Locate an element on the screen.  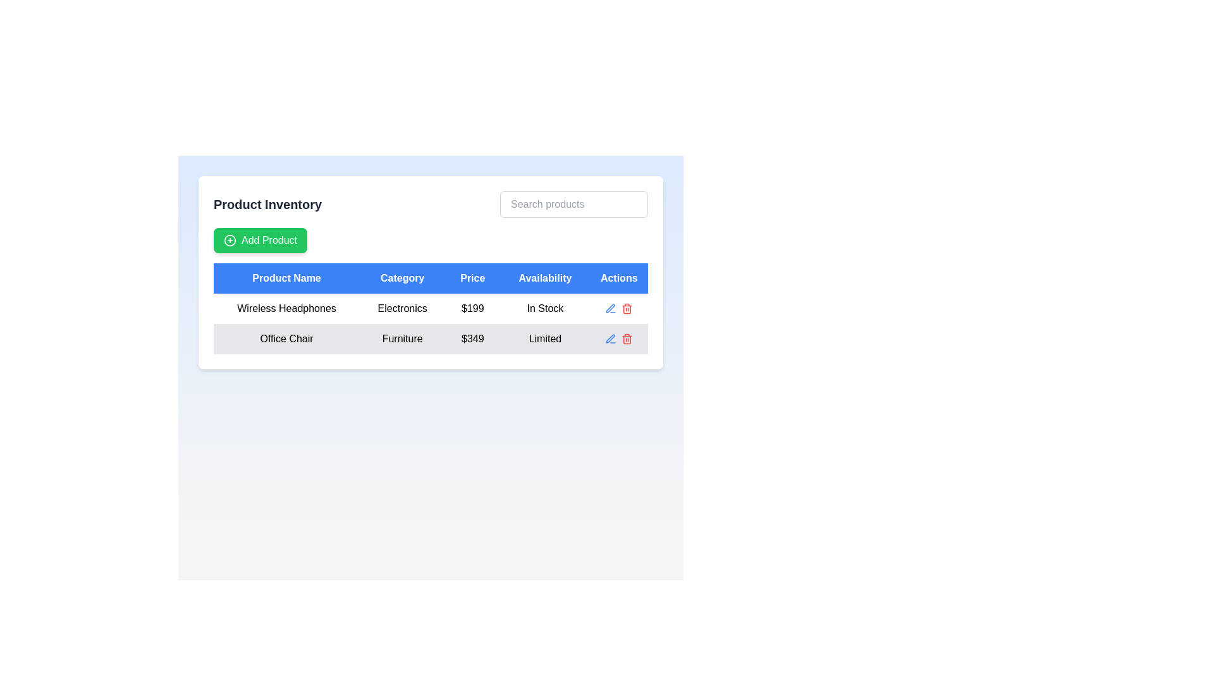
the first table row in the 'Product Inventory' table for keyboard navigation is located at coordinates (431, 309).